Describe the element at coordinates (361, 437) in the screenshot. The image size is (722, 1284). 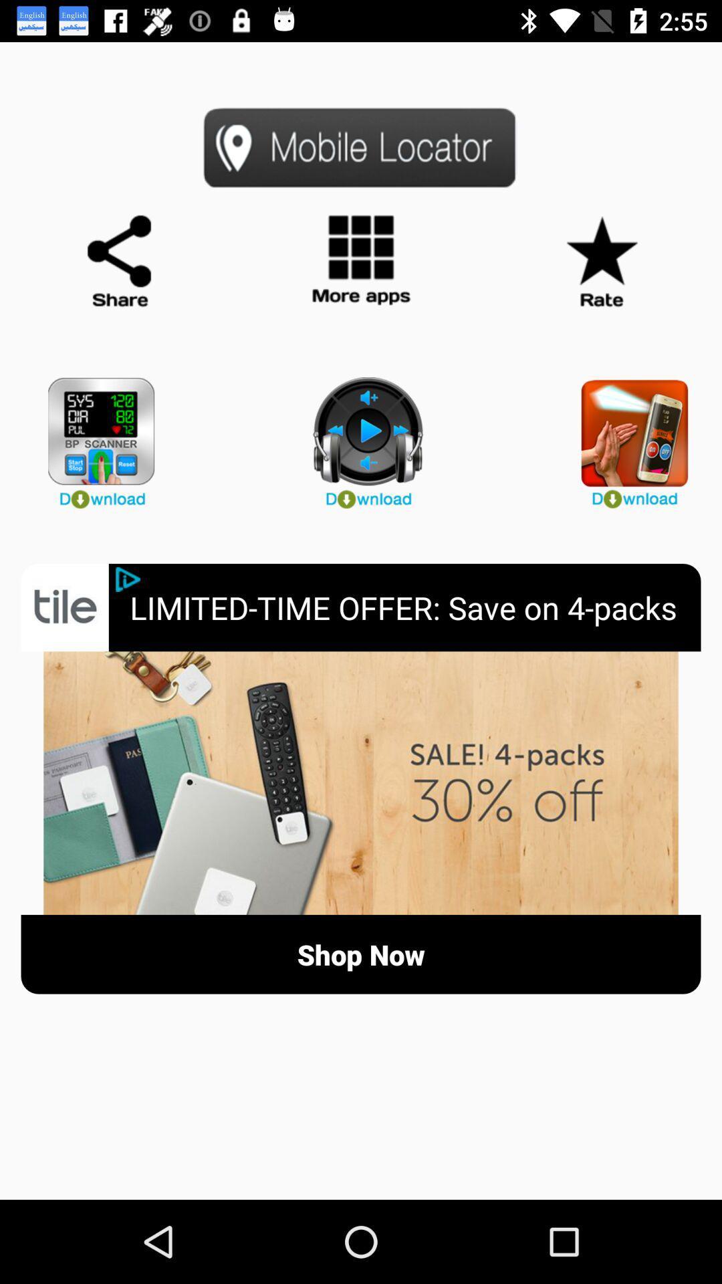
I see `the play icon` at that location.